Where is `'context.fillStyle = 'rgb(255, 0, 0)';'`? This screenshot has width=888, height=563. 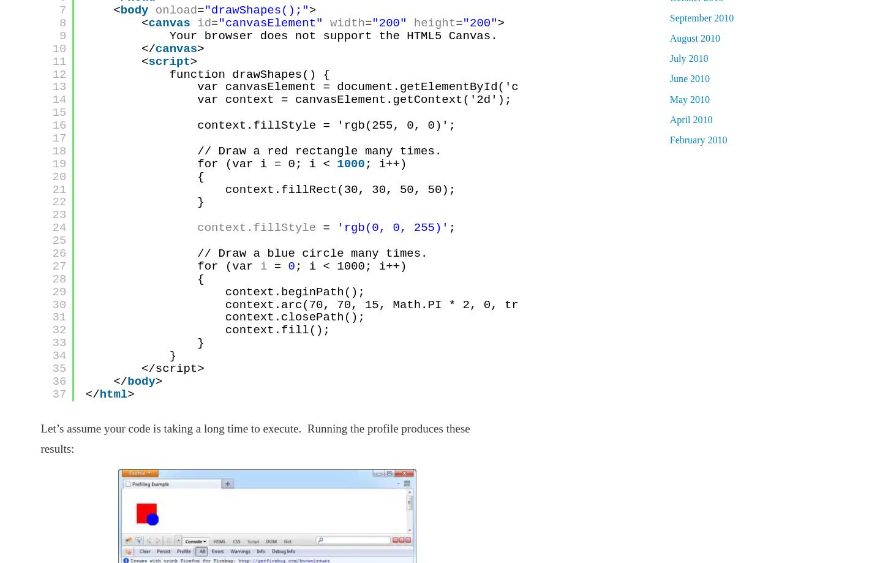
'context.fillStyle = 'rgb(255, 0, 0)';' is located at coordinates (326, 126).